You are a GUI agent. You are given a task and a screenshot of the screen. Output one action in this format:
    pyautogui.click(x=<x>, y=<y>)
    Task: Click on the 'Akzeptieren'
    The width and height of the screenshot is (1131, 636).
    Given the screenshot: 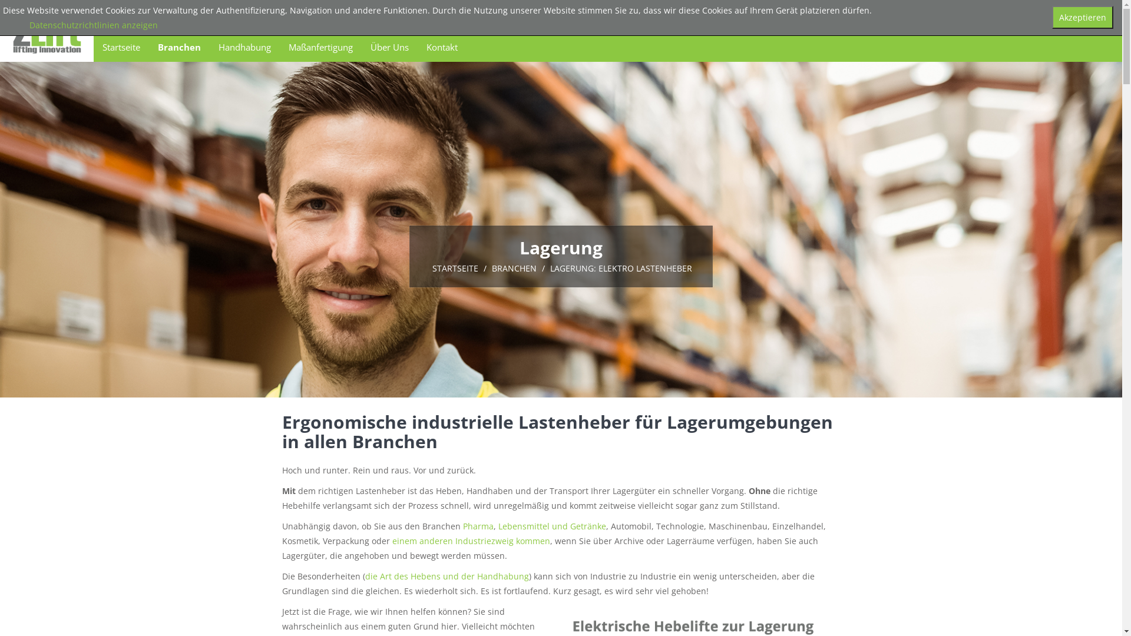 What is the action you would take?
    pyautogui.click(x=1083, y=17)
    